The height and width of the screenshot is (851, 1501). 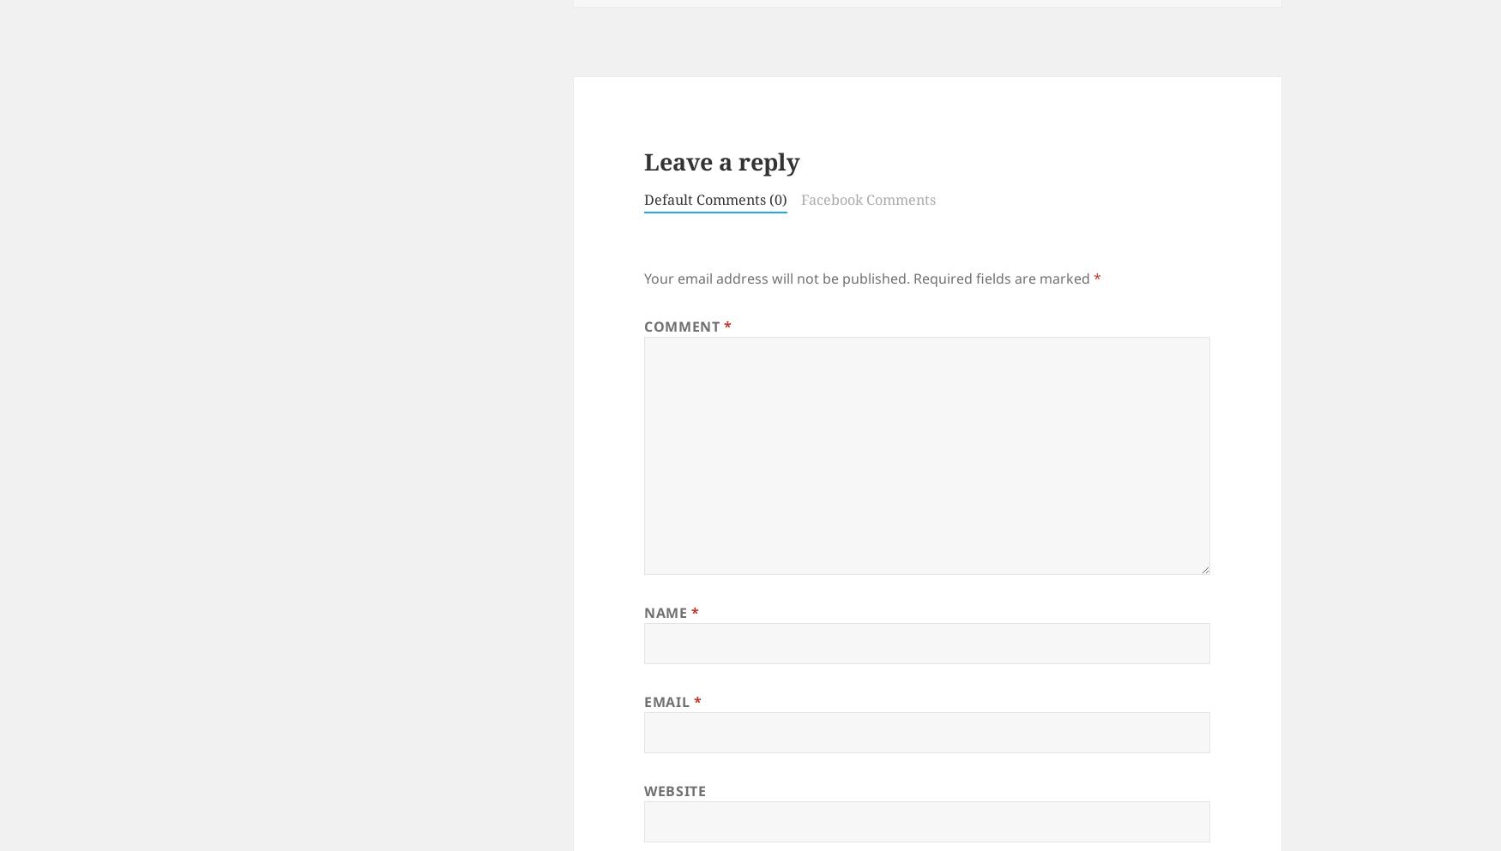 I want to click on 'Leave a reply', so click(x=721, y=159).